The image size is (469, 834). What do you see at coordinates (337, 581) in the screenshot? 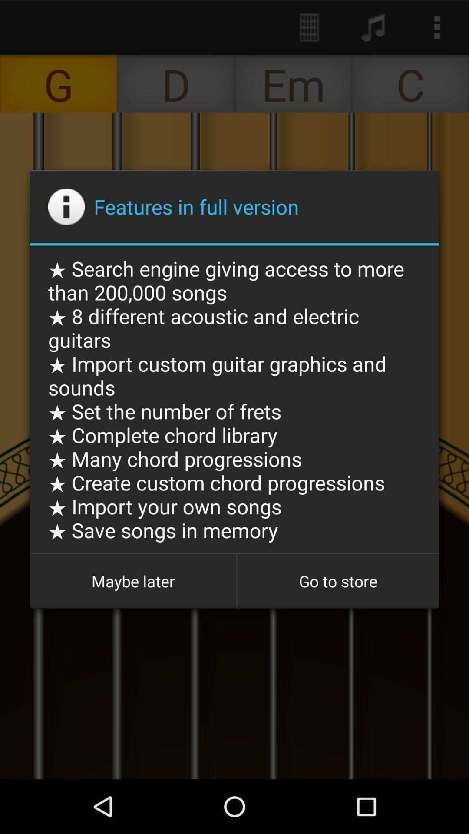
I see `go to store button` at bounding box center [337, 581].